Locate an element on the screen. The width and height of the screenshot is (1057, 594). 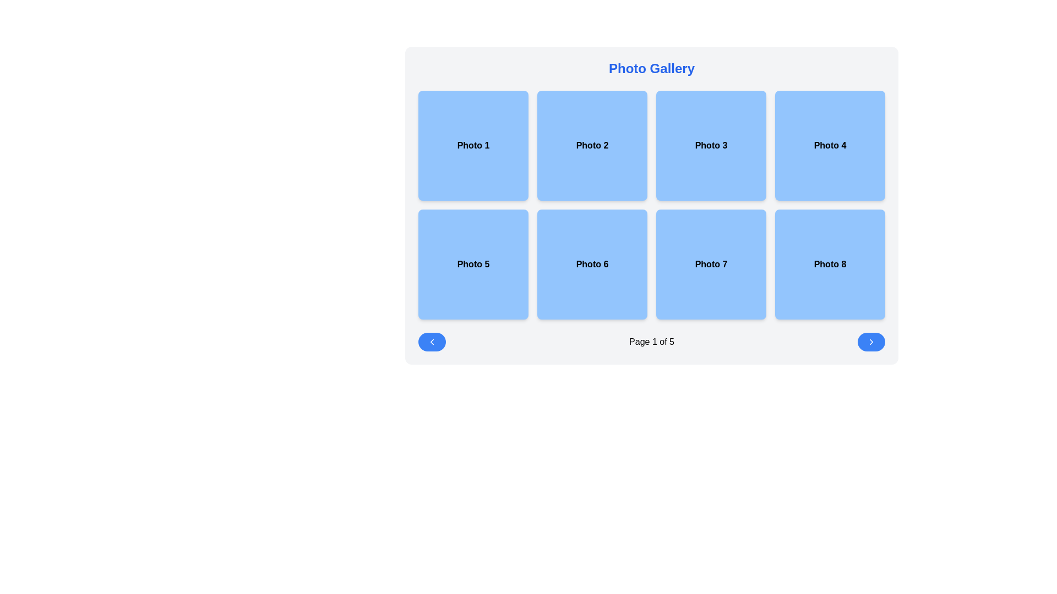
the square-shaped button labeled 'Photo 4' with a light blue background and rounded corners, located in the top row of a 4x2 grid is located at coordinates (830, 145).